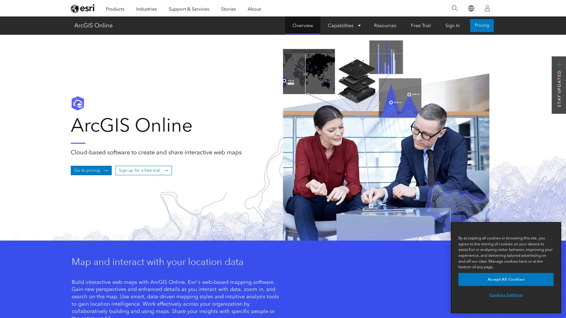  I want to click on Switch Language, so click(470, 8).